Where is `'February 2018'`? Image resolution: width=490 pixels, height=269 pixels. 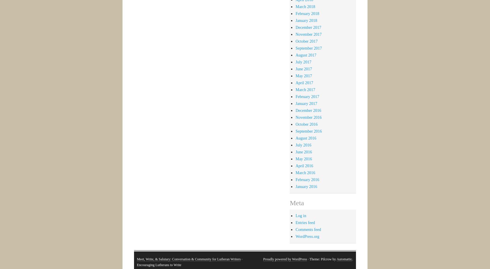 'February 2018' is located at coordinates (307, 13).